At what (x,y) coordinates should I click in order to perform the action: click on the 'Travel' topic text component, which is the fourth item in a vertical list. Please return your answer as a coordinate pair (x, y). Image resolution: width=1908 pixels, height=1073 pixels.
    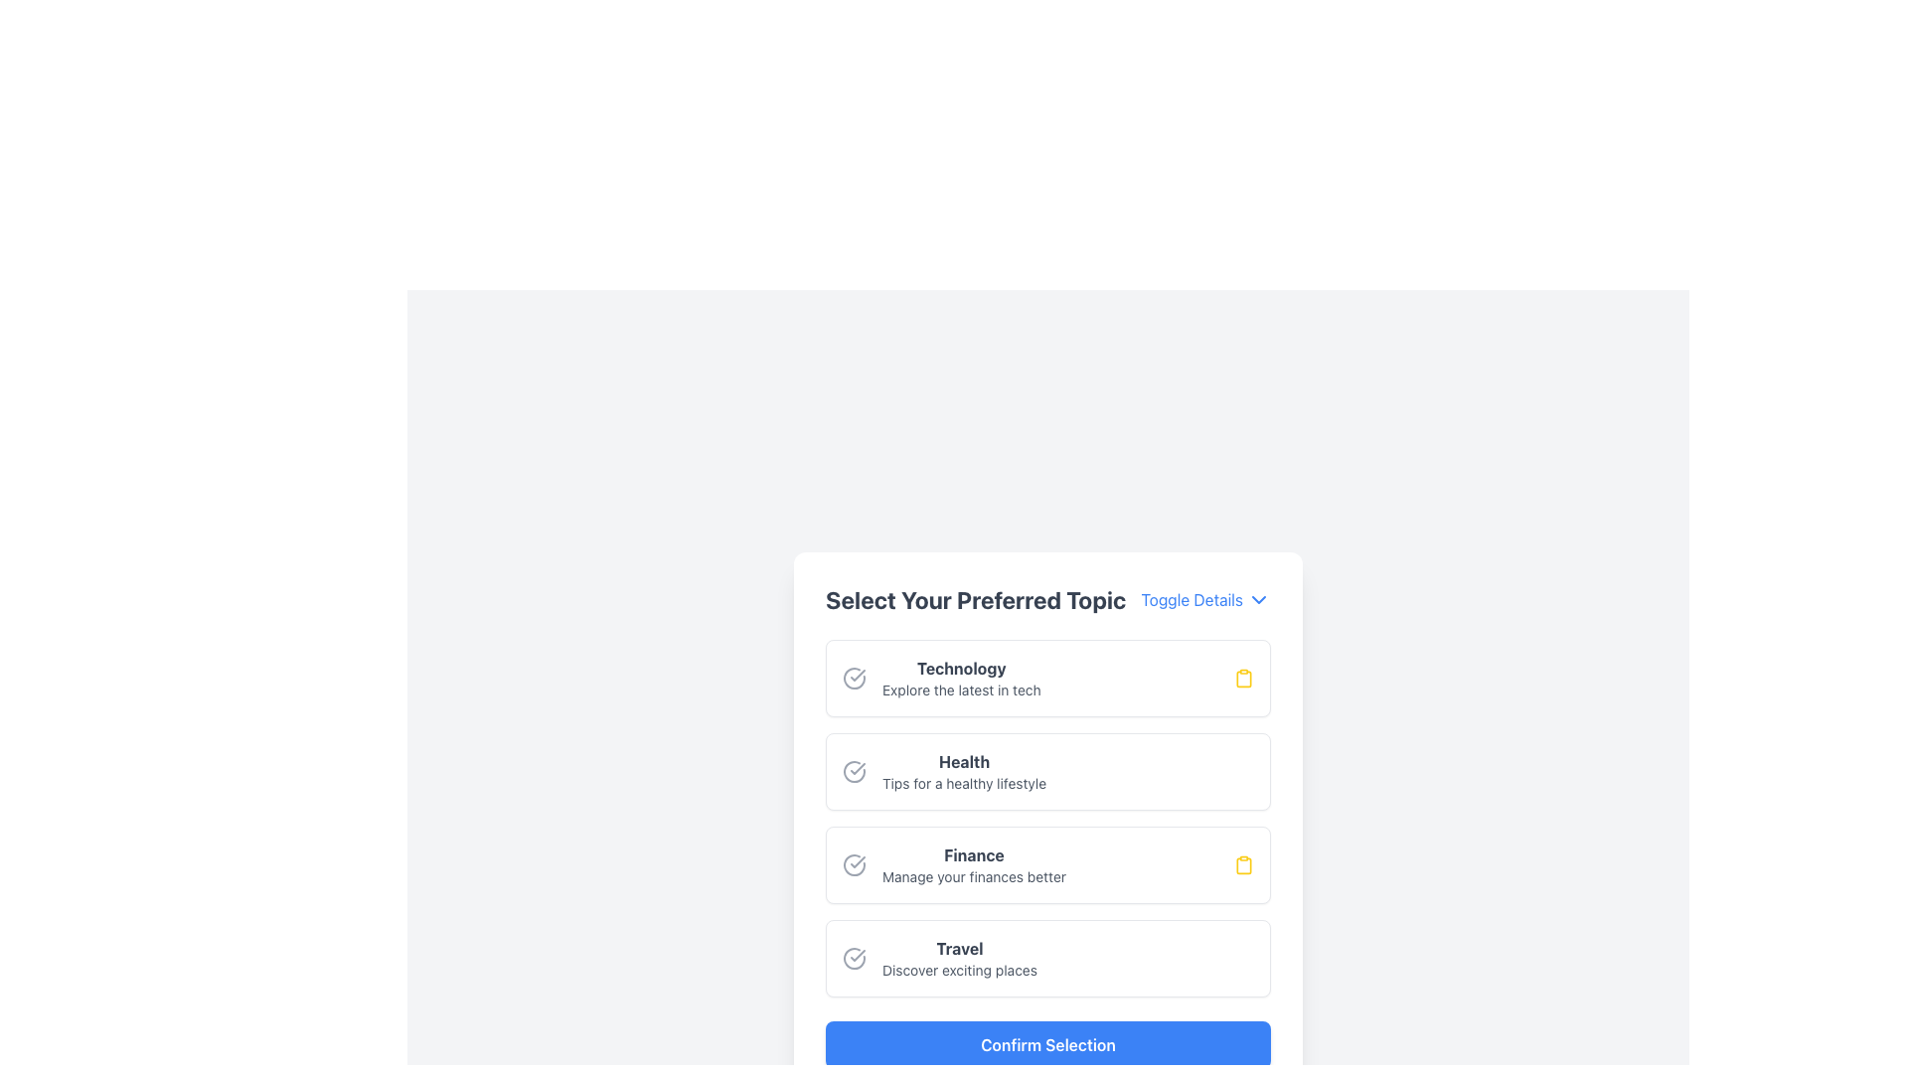
    Looking at the image, I should click on (938, 957).